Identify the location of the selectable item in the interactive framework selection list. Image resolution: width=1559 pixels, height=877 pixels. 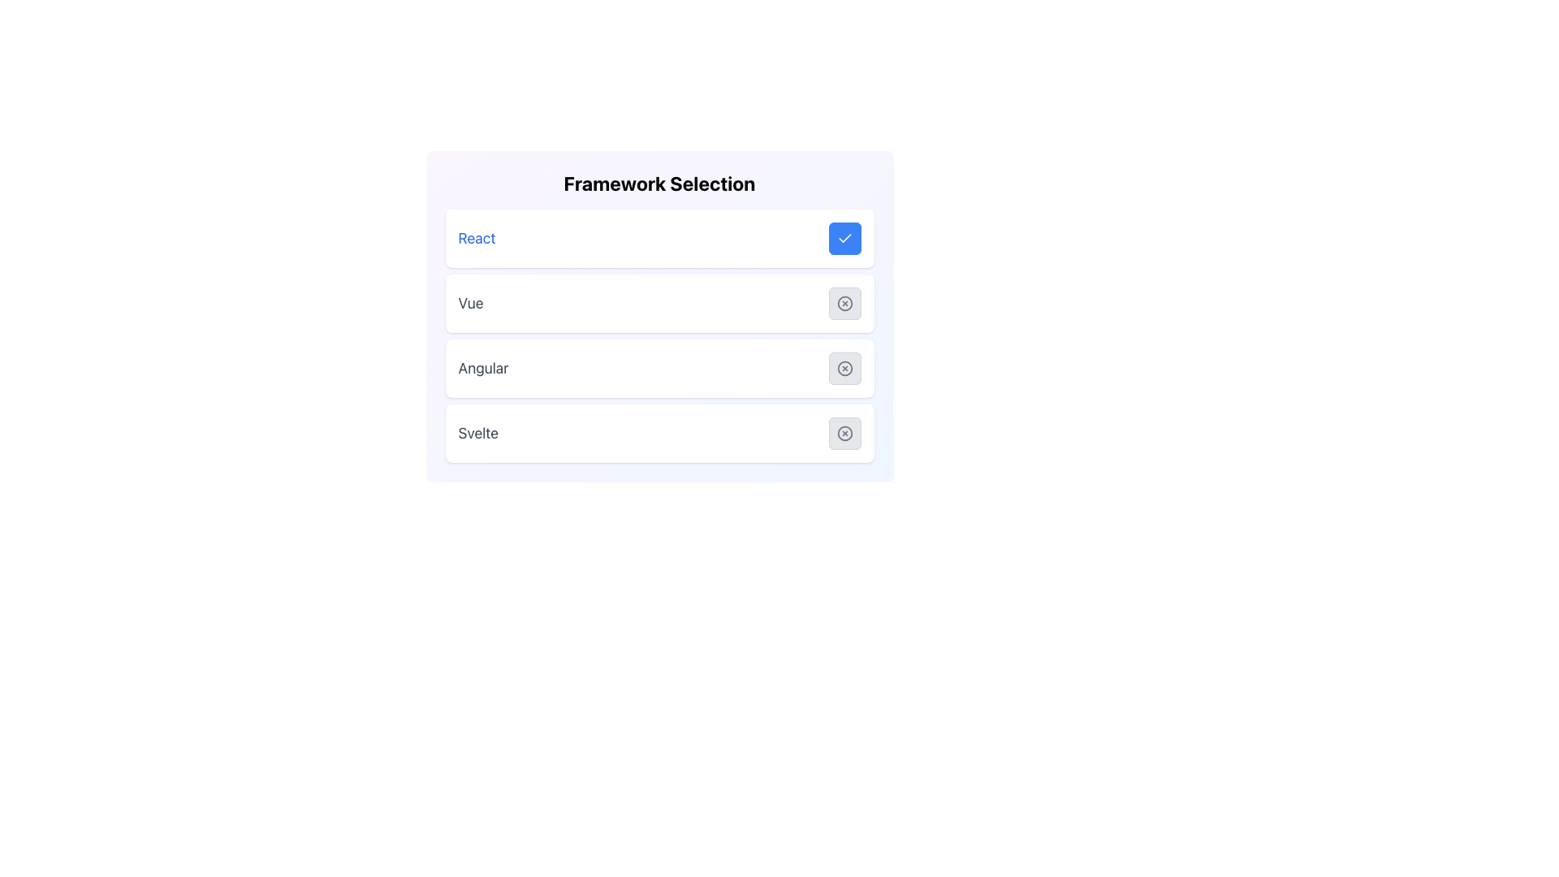
(659, 335).